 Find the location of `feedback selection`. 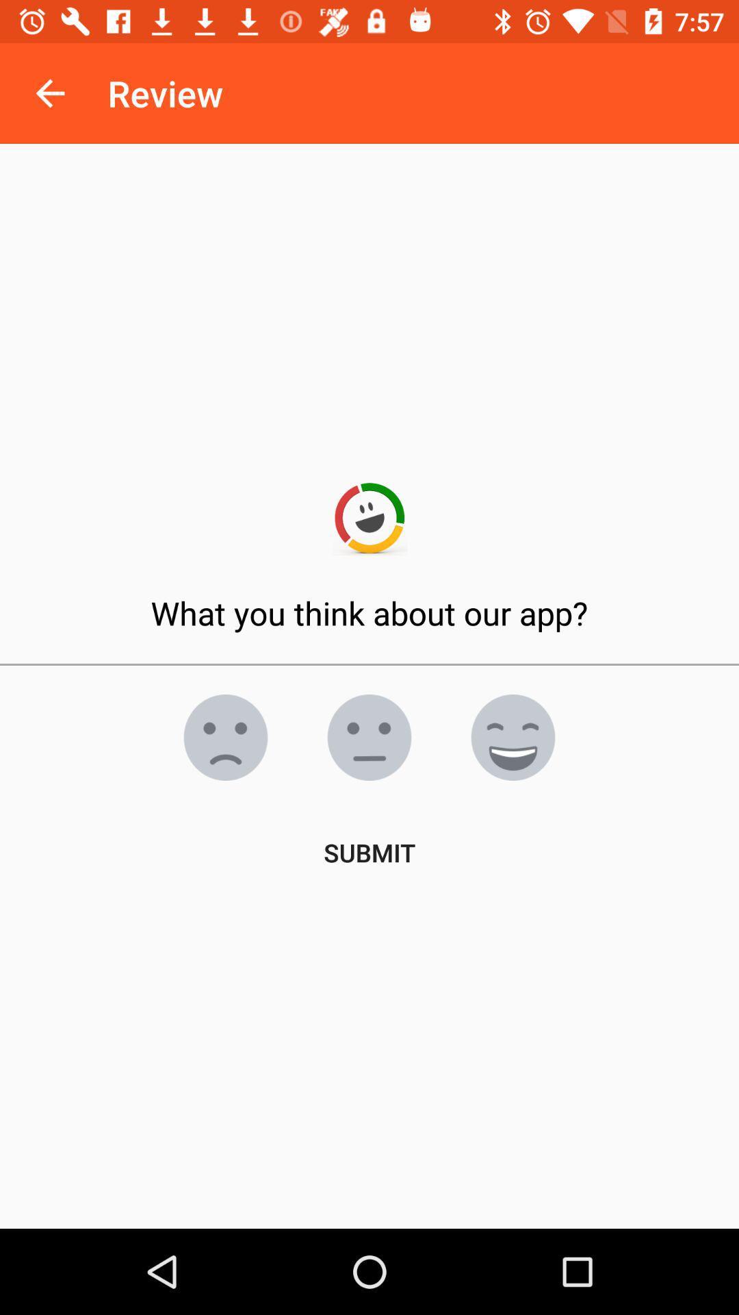

feedback selection is located at coordinates (369, 736).